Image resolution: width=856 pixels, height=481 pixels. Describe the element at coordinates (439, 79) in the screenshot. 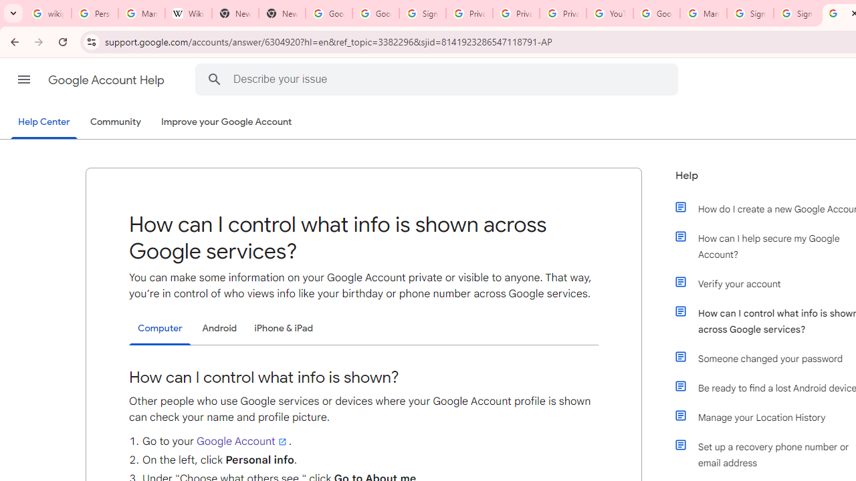

I see `'Describe your issue'` at that location.